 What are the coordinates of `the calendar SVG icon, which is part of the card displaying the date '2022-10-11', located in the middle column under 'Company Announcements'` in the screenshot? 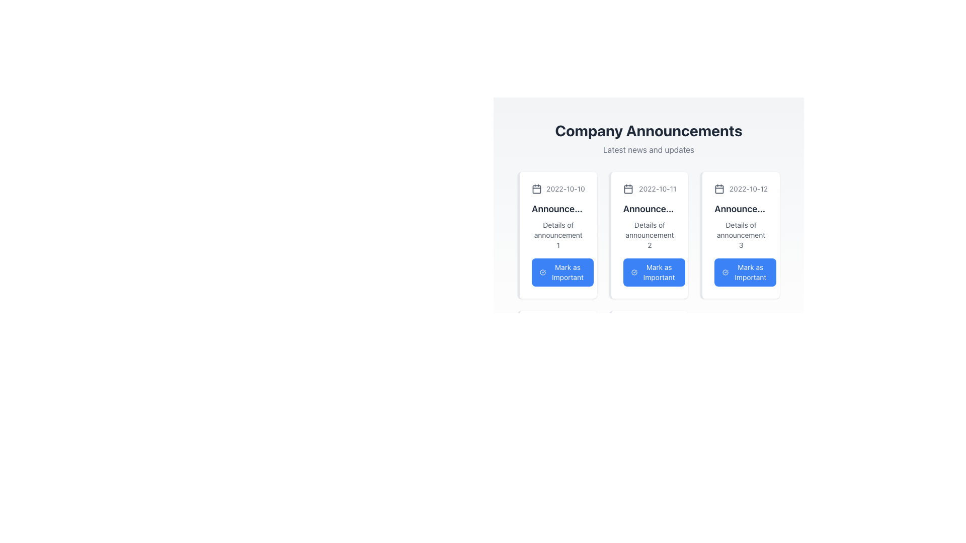 It's located at (627, 189).